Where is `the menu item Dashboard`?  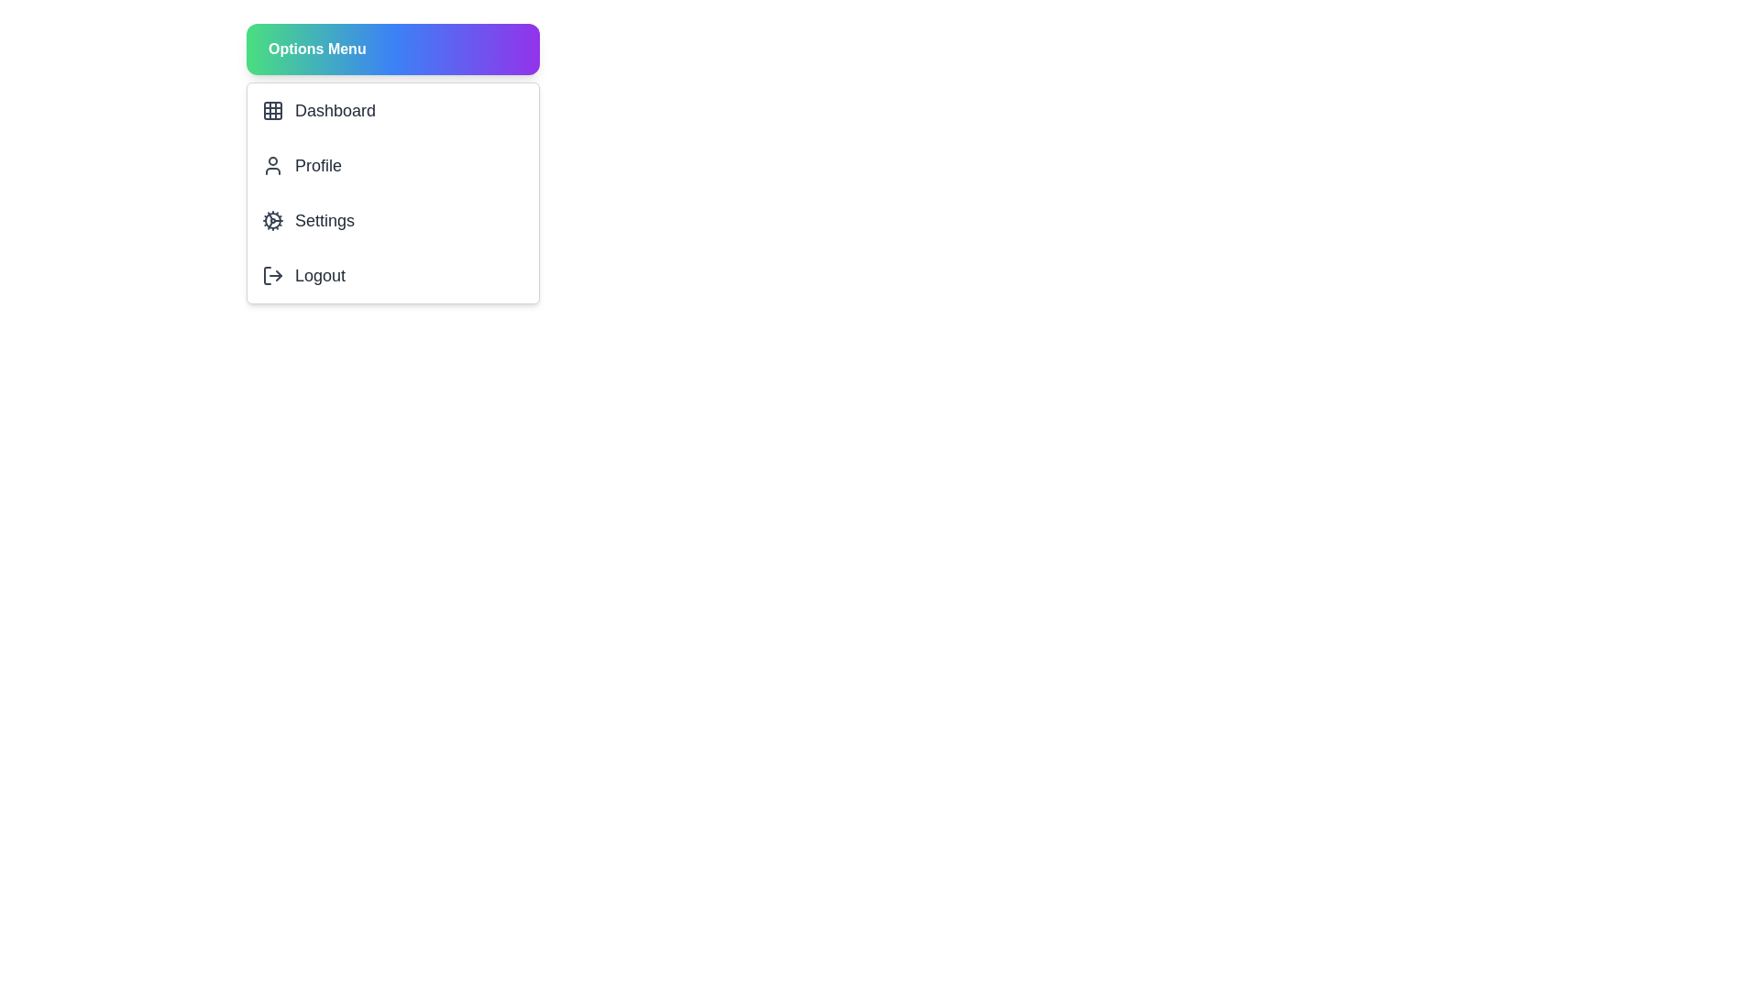 the menu item Dashboard is located at coordinates (391, 110).